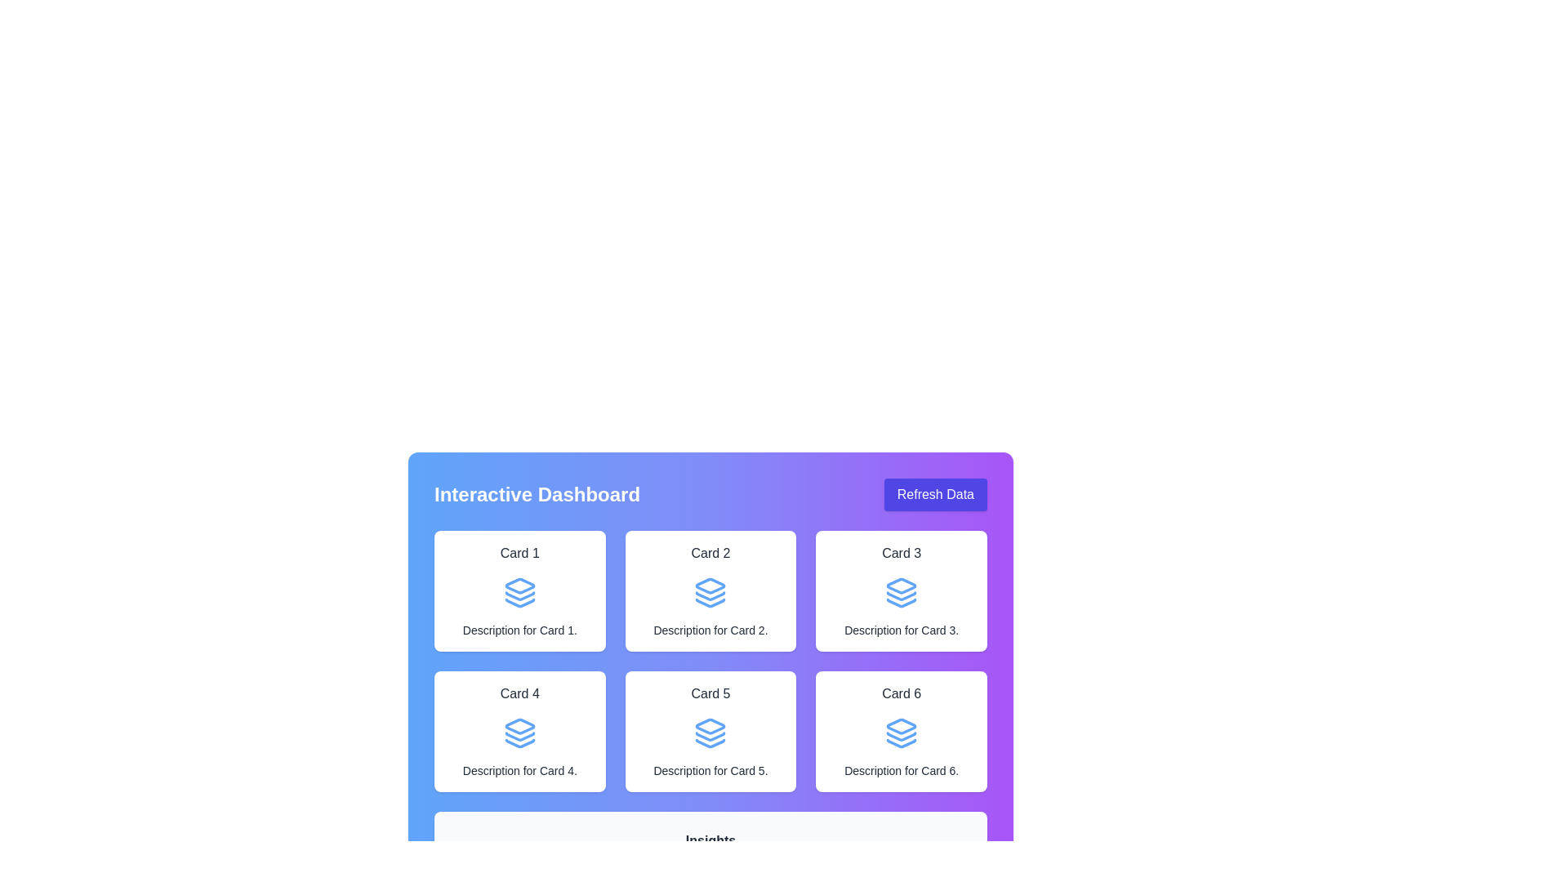  Describe the element at coordinates (710, 585) in the screenshot. I see `the icon representing the second card in the dashboard` at that location.